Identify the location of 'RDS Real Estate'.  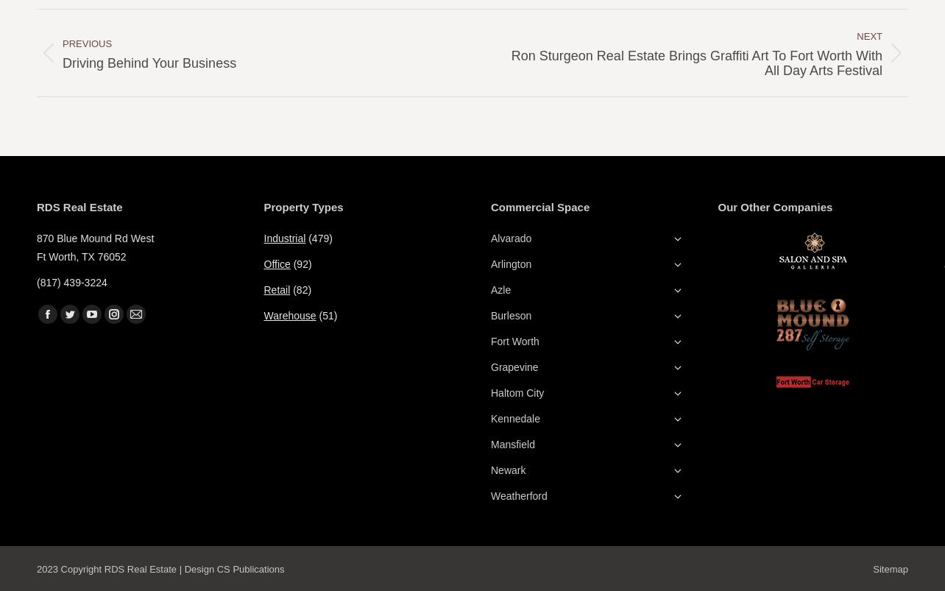
(79, 207).